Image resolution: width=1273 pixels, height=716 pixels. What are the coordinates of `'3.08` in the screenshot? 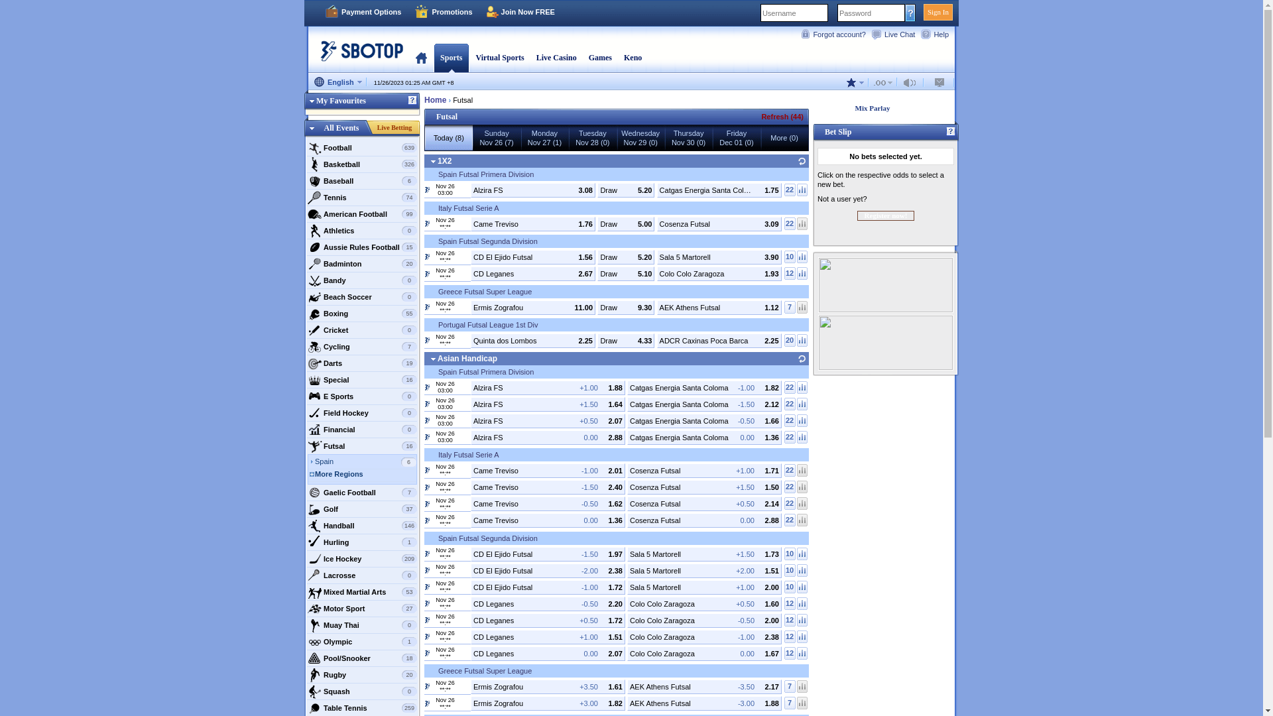 It's located at (533, 190).